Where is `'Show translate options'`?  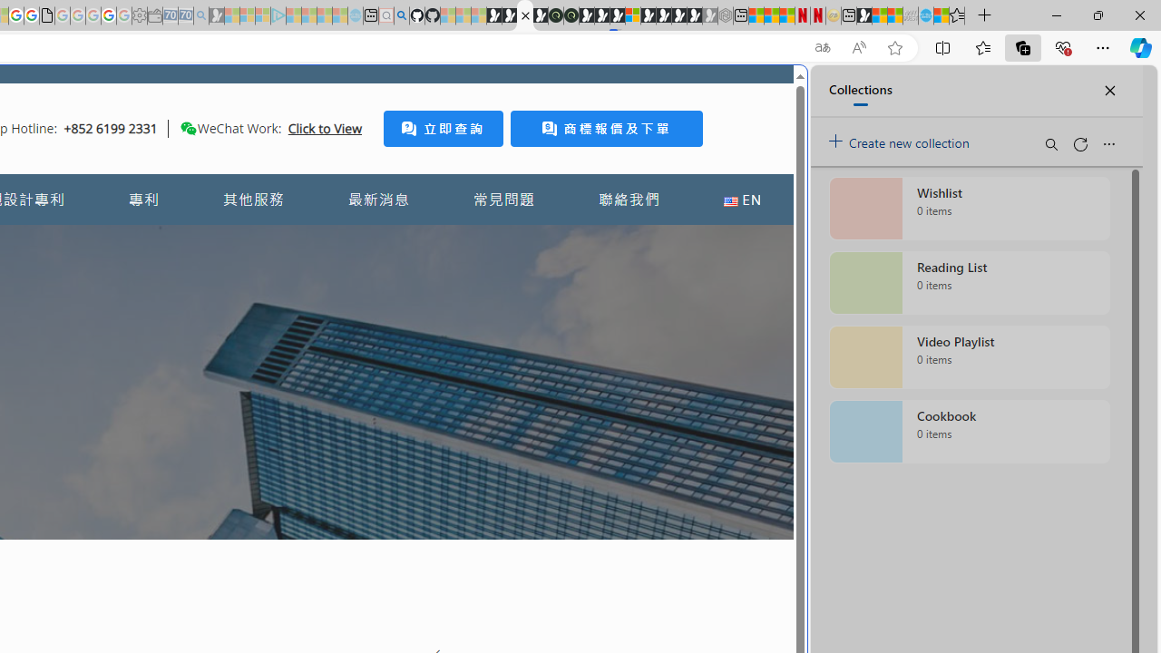 'Show translate options' is located at coordinates (821, 47).